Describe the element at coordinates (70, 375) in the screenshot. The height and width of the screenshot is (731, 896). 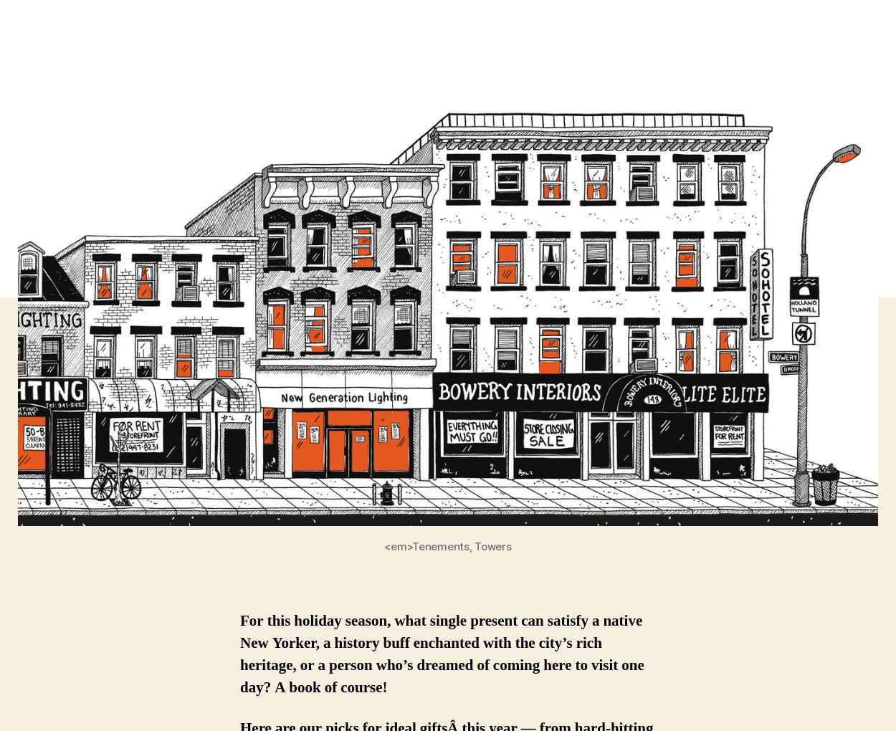
I see `'indicates required'` at that location.